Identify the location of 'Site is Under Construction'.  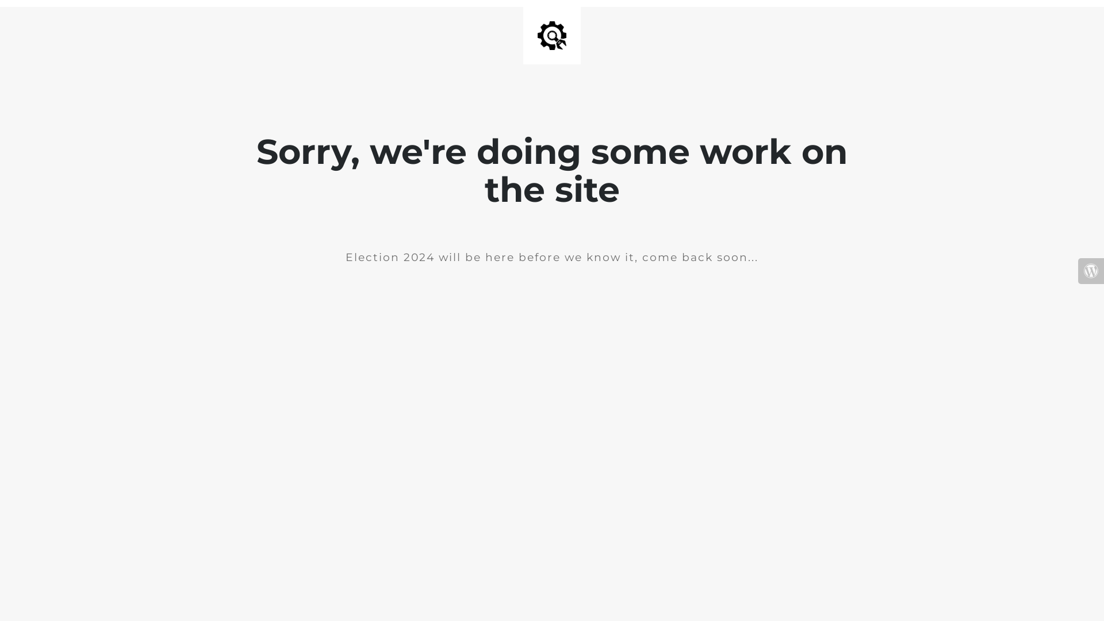
(552, 34).